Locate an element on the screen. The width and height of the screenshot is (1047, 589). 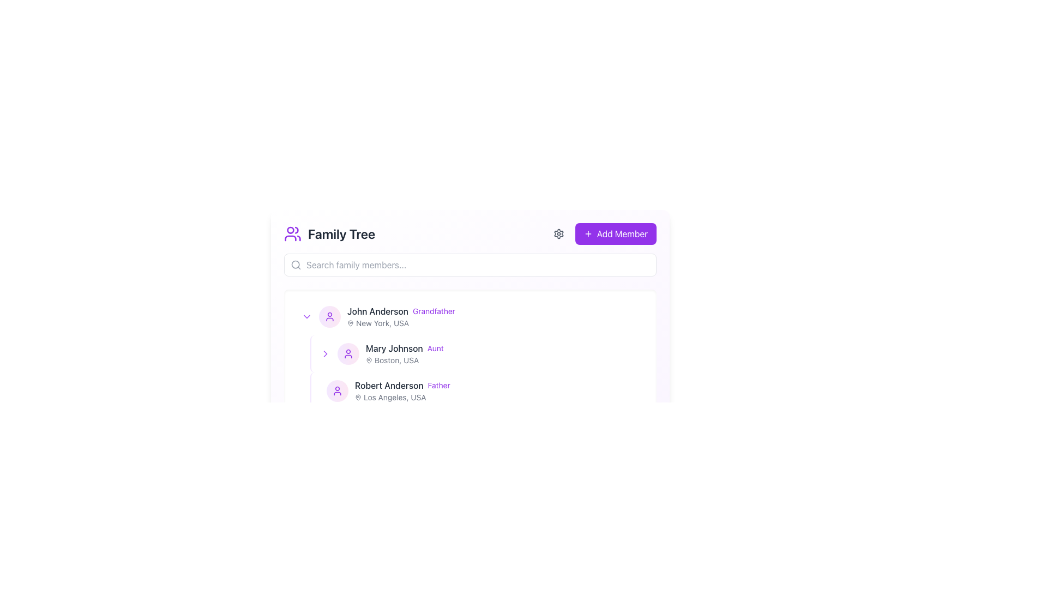
the third list entry for 'Robert Anderson' in the vertical list is located at coordinates (470, 390).